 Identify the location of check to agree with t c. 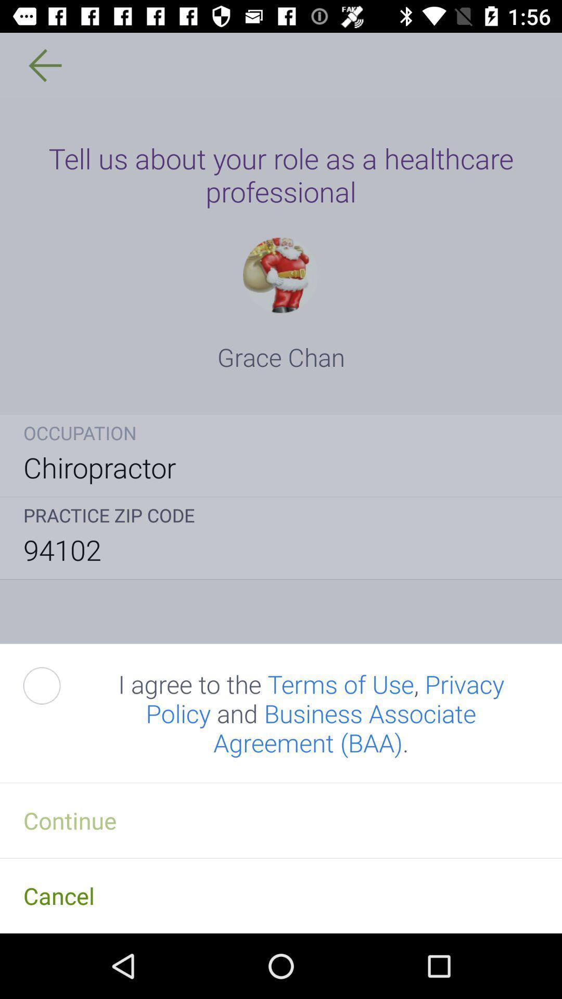
(54, 686).